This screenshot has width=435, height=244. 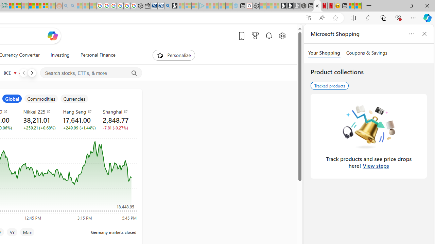 What do you see at coordinates (282, 36) in the screenshot?
I see `'Open settings'` at bounding box center [282, 36].